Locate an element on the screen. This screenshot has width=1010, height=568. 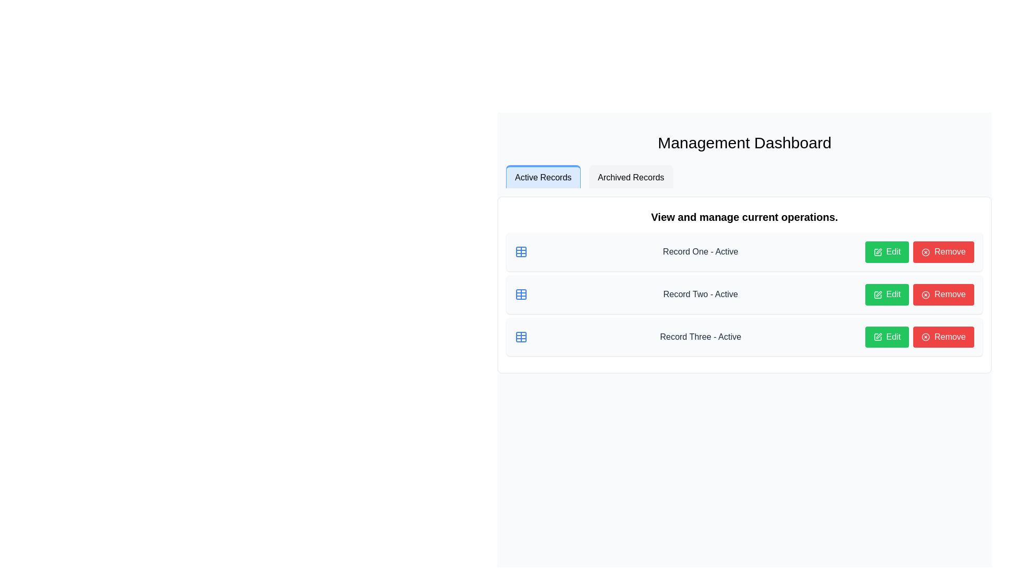
the blue-colored table grid icon located at the leftmost side of the first row of record items, preceding the text label 'Record One - Active' is located at coordinates (521, 251).